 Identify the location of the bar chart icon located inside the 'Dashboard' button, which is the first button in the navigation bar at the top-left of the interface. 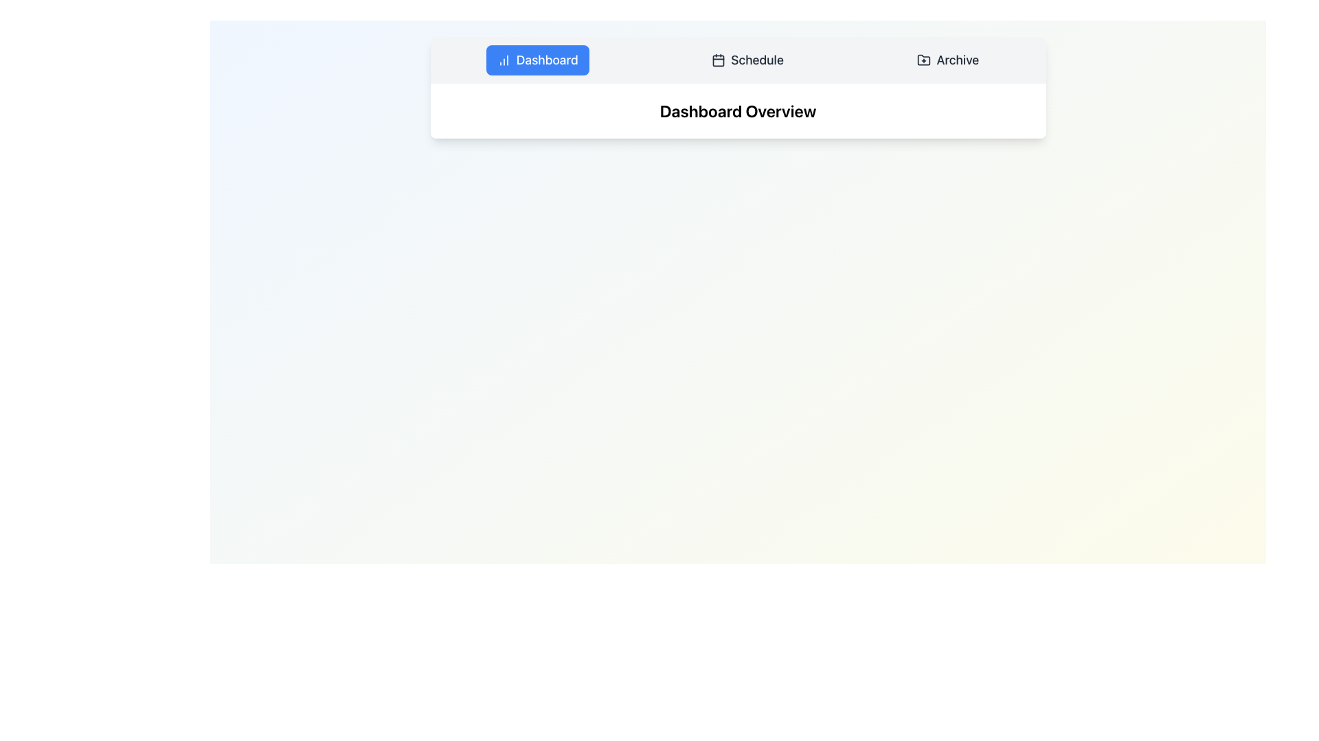
(503, 60).